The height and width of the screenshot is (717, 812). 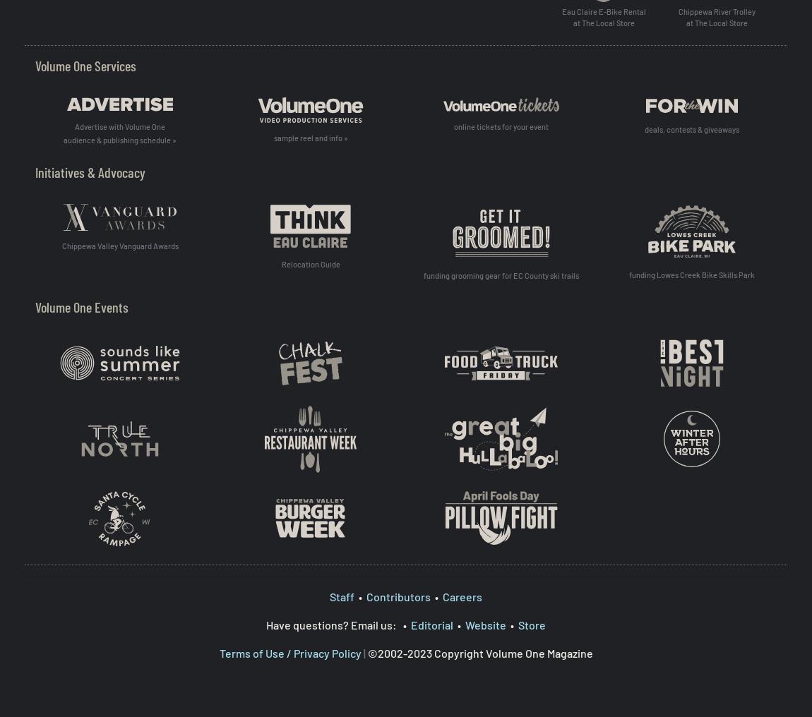 What do you see at coordinates (398, 596) in the screenshot?
I see `'Contributors'` at bounding box center [398, 596].